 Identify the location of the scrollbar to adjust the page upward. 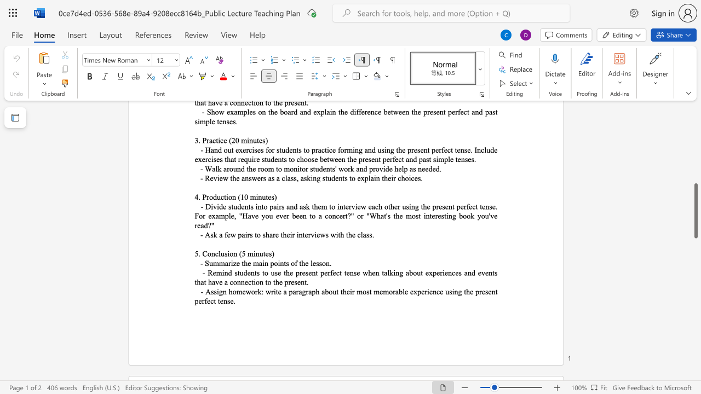
(695, 136).